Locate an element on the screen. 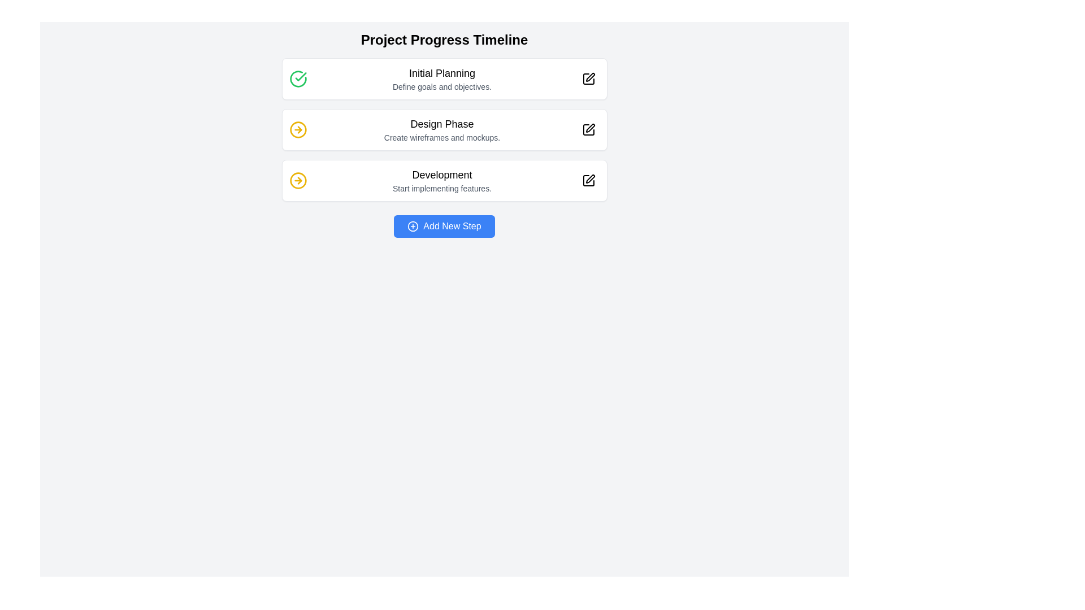  the static text element that describes the objectives associated with the 'Initial Planning' step in the timeline, located directly beneath the 'Initial Planning' text is located at coordinates (441, 86).